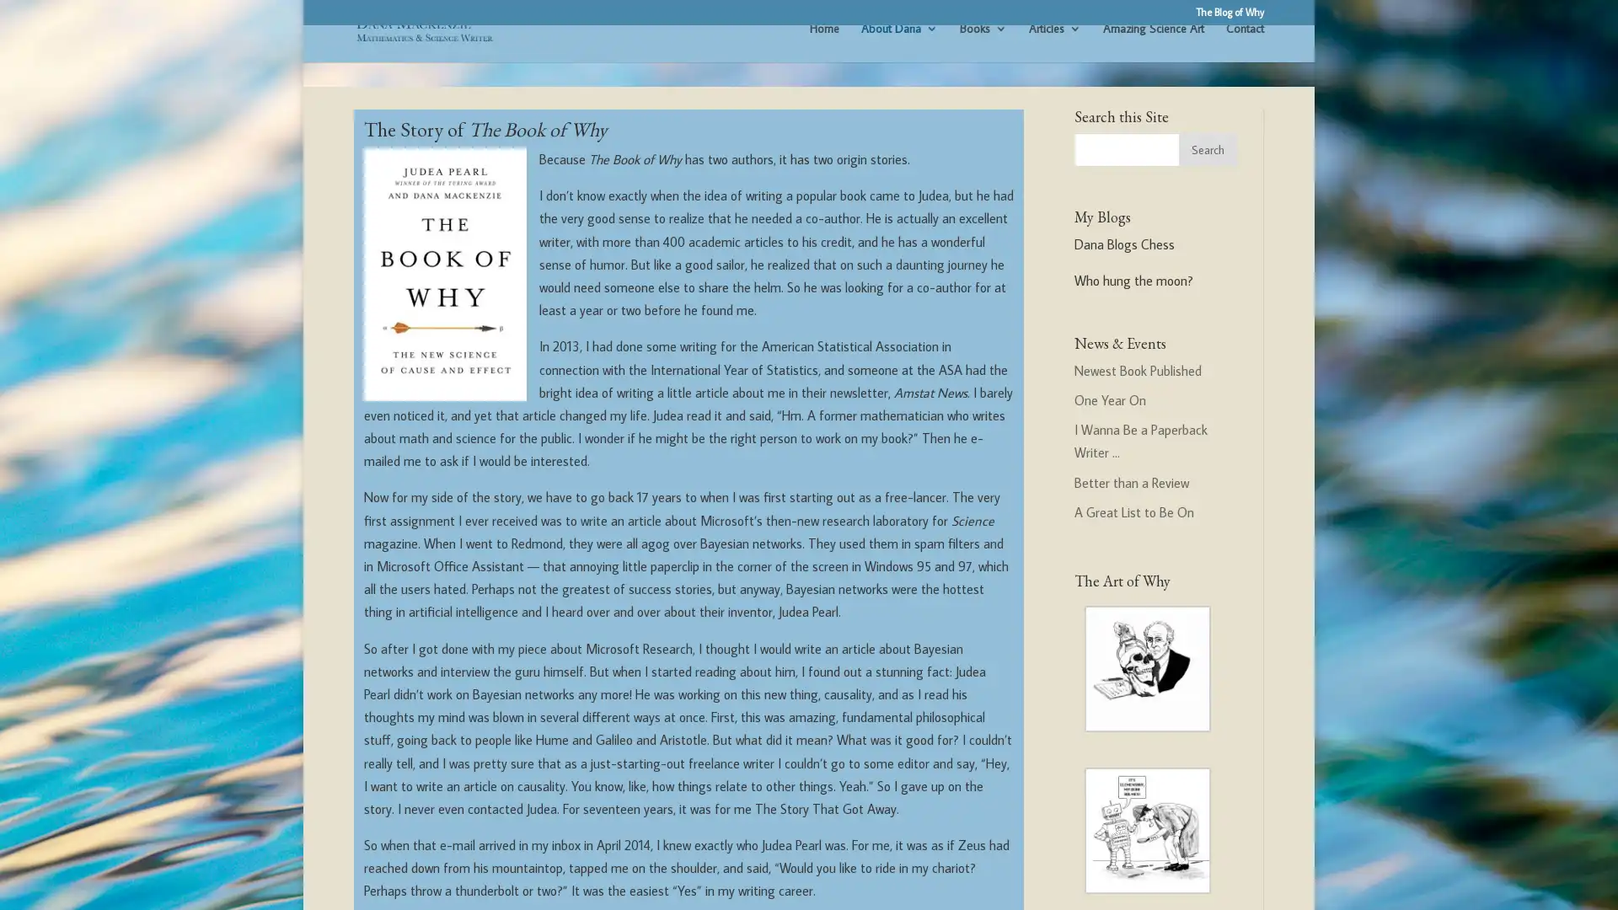 The width and height of the screenshot is (1618, 910). What do you see at coordinates (1207, 148) in the screenshot?
I see `Search` at bounding box center [1207, 148].